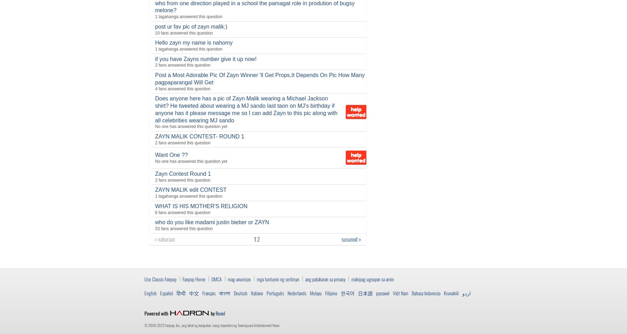 This screenshot has height=334, width=627. I want to click on '6 fans answered this question', so click(182, 212).